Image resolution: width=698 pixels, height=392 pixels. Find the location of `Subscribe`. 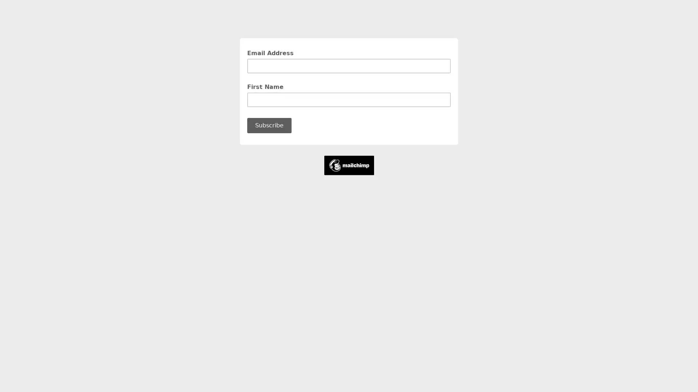

Subscribe is located at coordinates (269, 125).